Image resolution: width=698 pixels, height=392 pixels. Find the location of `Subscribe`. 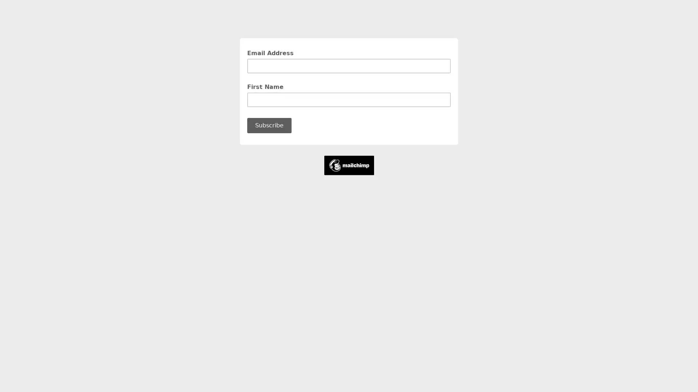

Subscribe is located at coordinates (269, 125).